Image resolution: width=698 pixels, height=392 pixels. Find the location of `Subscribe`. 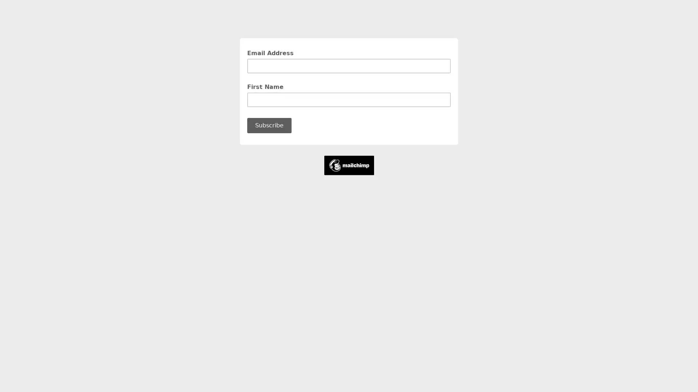

Subscribe is located at coordinates (269, 125).